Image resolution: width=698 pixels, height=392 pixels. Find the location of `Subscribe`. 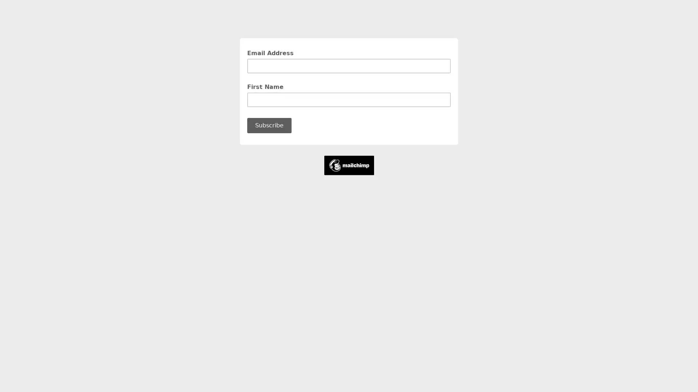

Subscribe is located at coordinates (269, 125).